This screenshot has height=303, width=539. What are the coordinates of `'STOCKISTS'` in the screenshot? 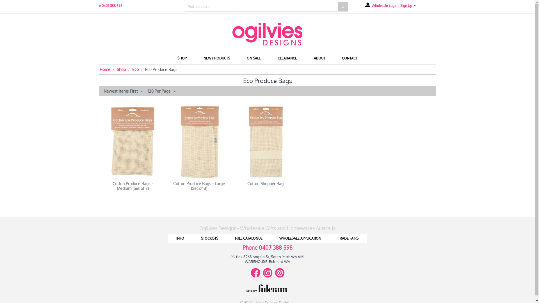 It's located at (193, 238).